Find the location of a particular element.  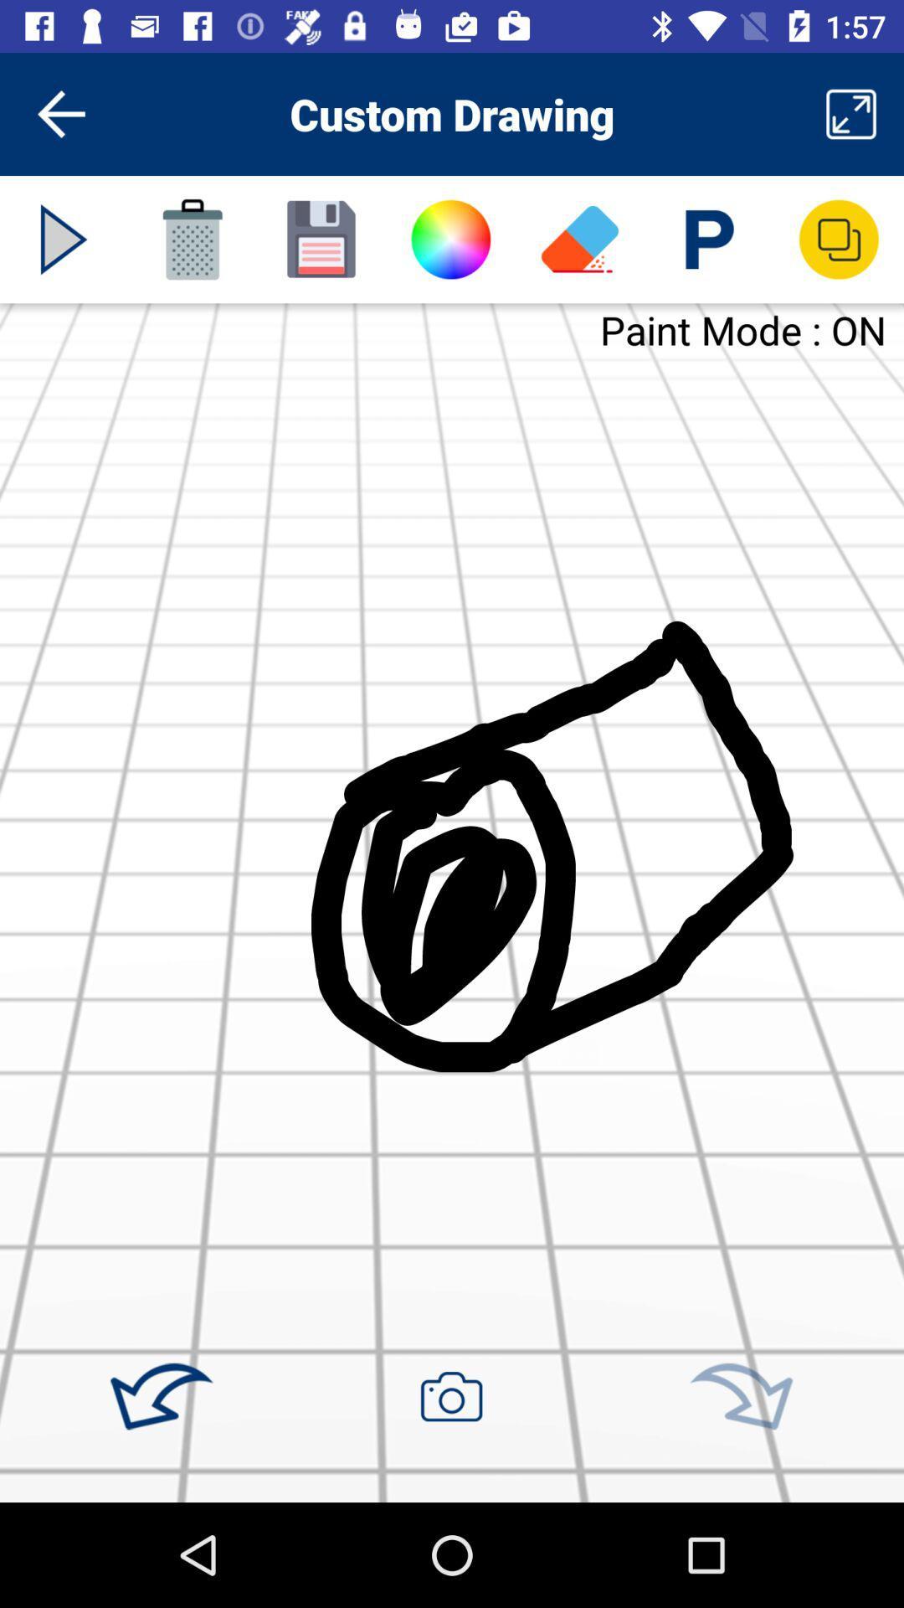

delete is located at coordinates (192, 239).